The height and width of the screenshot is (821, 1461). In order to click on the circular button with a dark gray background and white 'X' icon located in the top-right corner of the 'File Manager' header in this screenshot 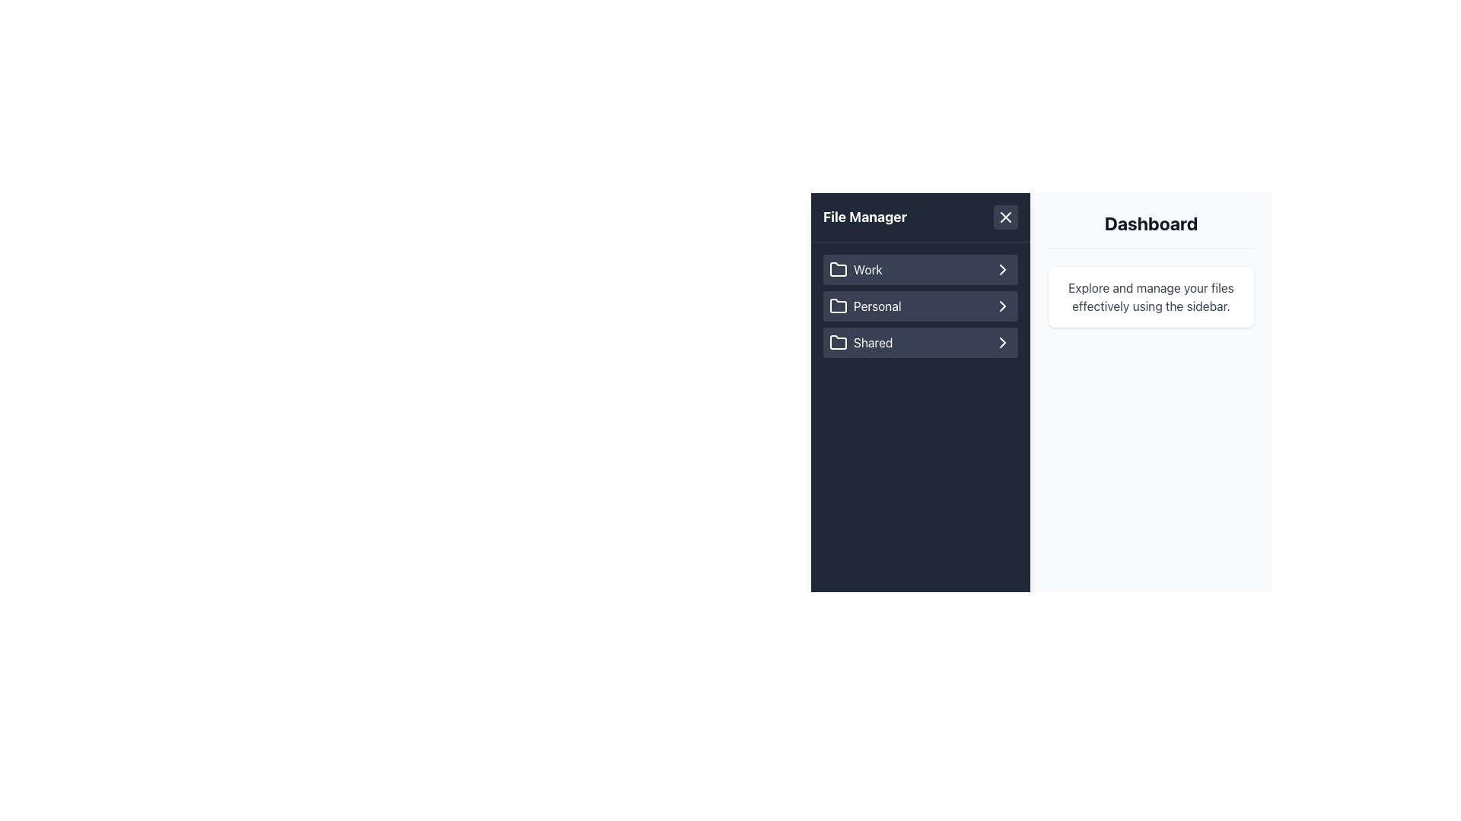, I will do `click(1005, 217)`.